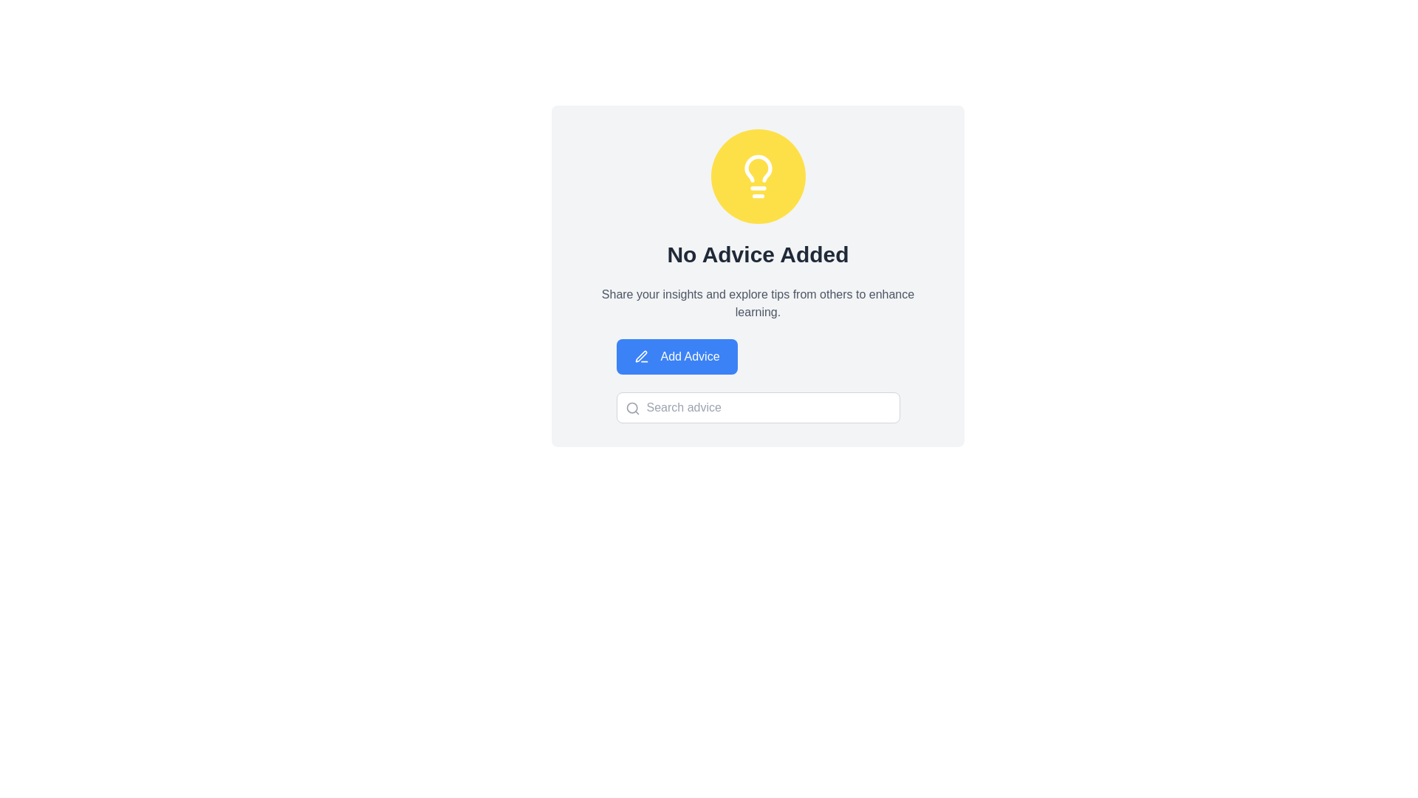  I want to click on the magnifying glass icon located inside the 'Search advice' text input field, positioned on the left side of the placeholder text, so click(632, 408).